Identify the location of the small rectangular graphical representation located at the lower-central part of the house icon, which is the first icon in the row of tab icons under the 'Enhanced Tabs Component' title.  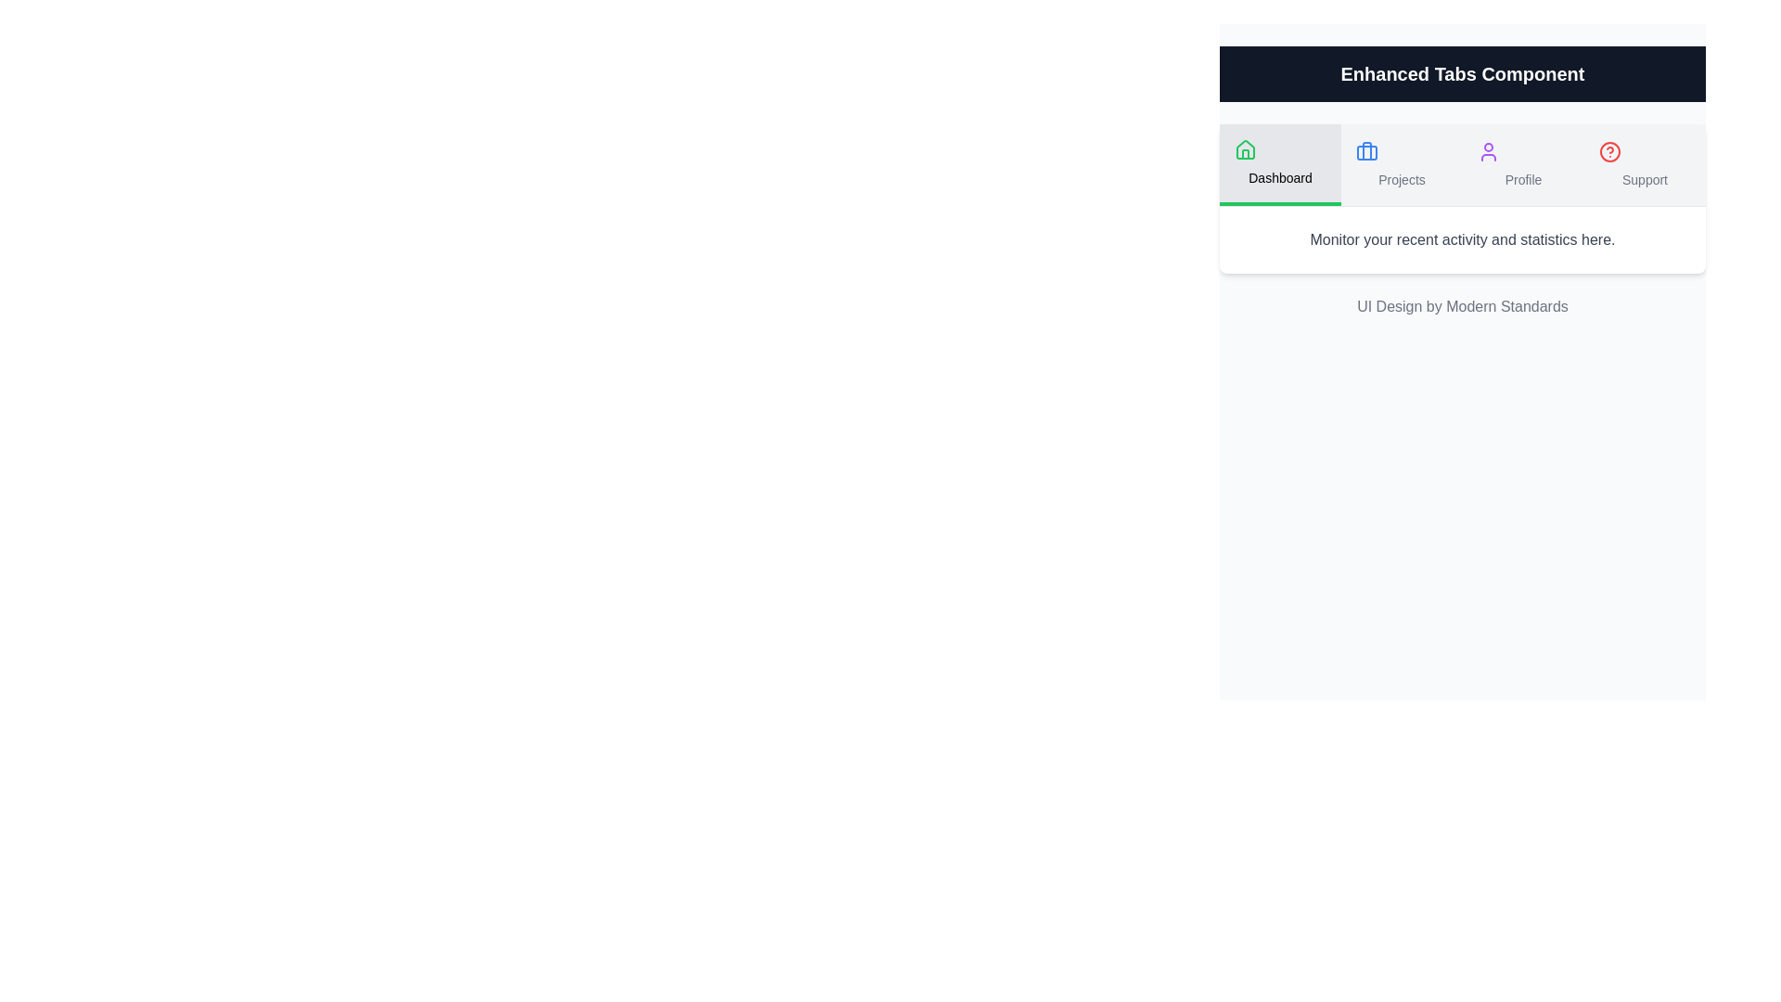
(1246, 153).